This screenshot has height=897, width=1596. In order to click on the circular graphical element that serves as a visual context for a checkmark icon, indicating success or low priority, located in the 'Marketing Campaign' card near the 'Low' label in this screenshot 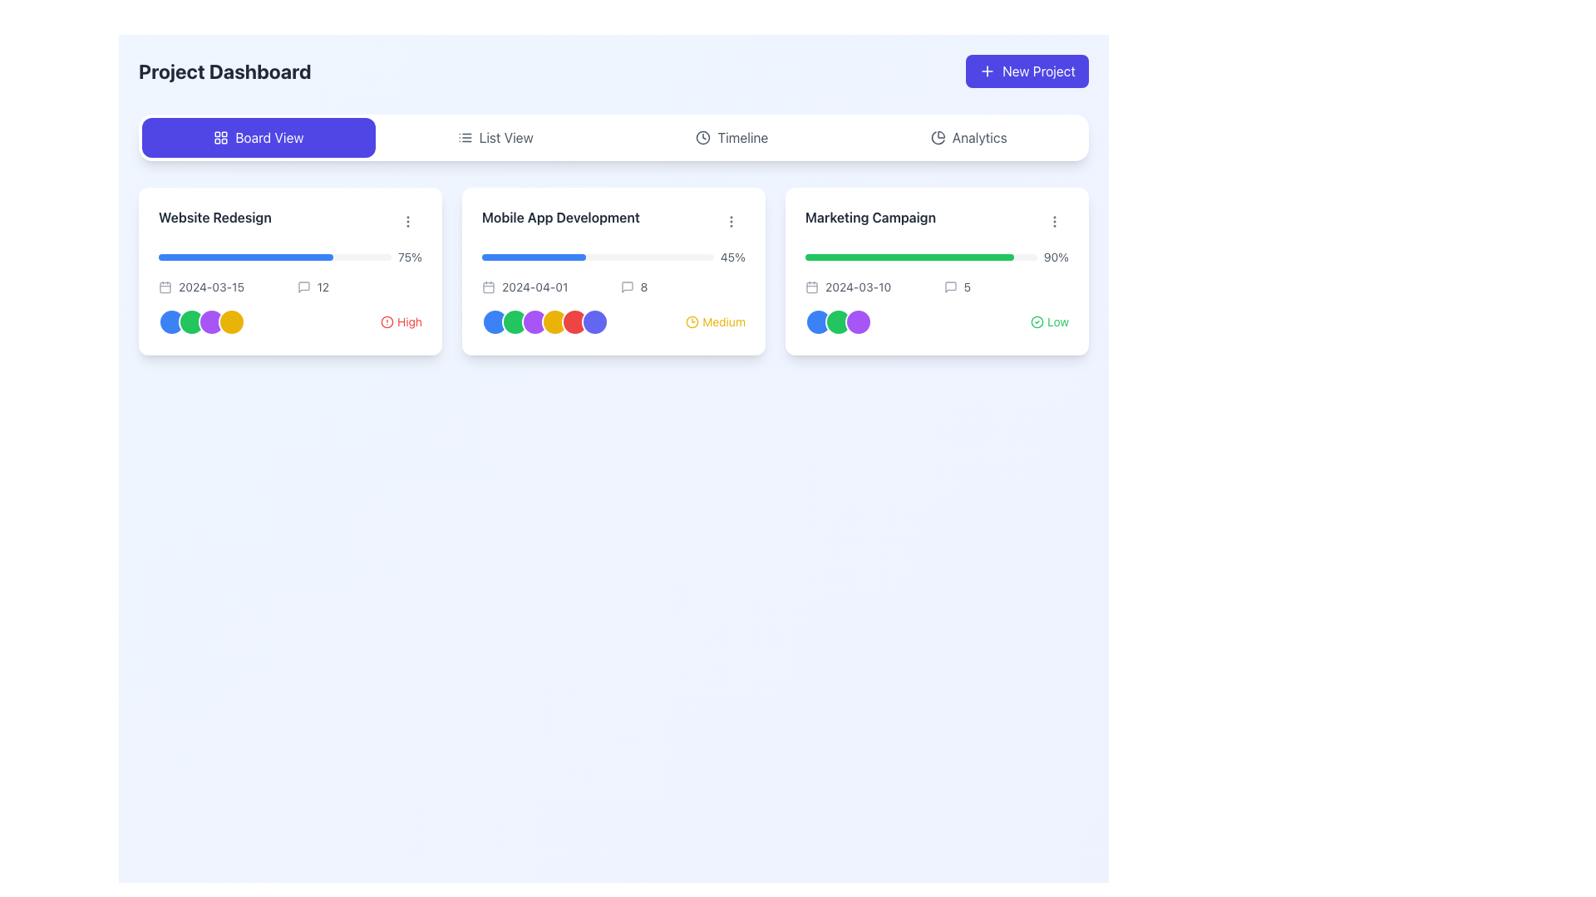, I will do `click(1037, 322)`.